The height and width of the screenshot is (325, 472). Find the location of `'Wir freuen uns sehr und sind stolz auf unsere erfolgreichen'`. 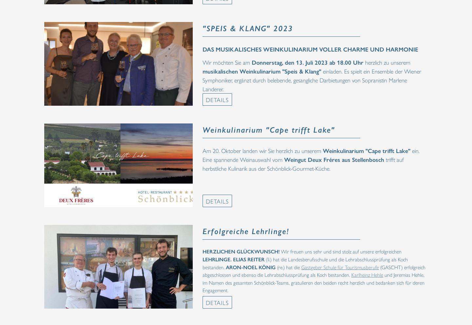

'Wir freuen uns sehr und sind stolz auf unsere erfolgreichen' is located at coordinates (340, 251).